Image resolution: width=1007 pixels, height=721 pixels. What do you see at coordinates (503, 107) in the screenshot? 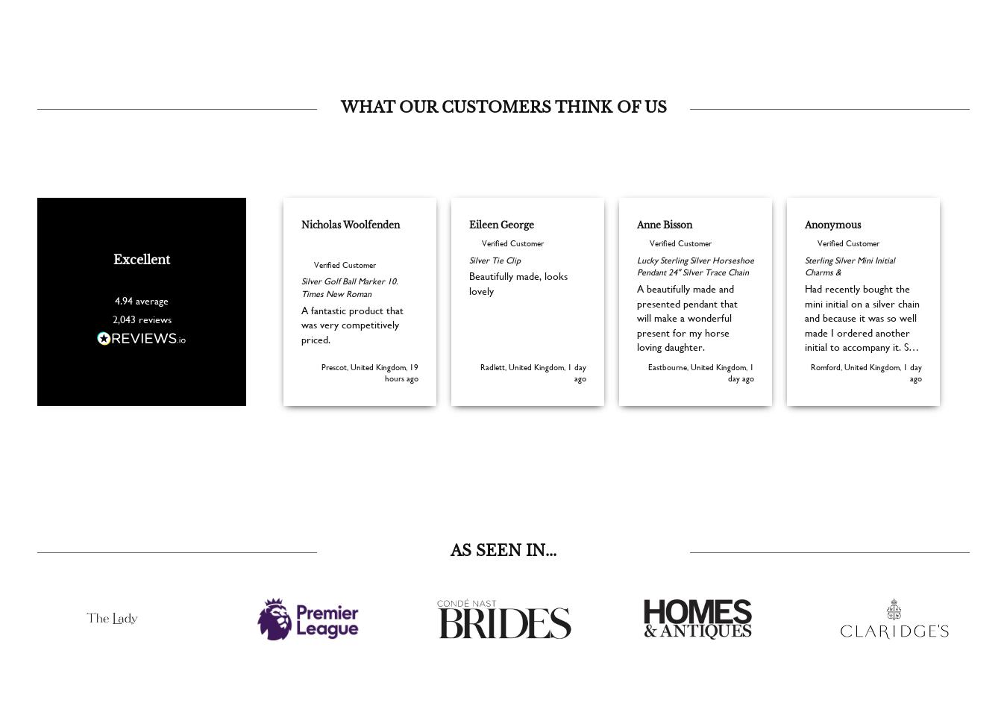
I see `'WHAT OUR CUSTOMERS THINK OF US'` at bounding box center [503, 107].